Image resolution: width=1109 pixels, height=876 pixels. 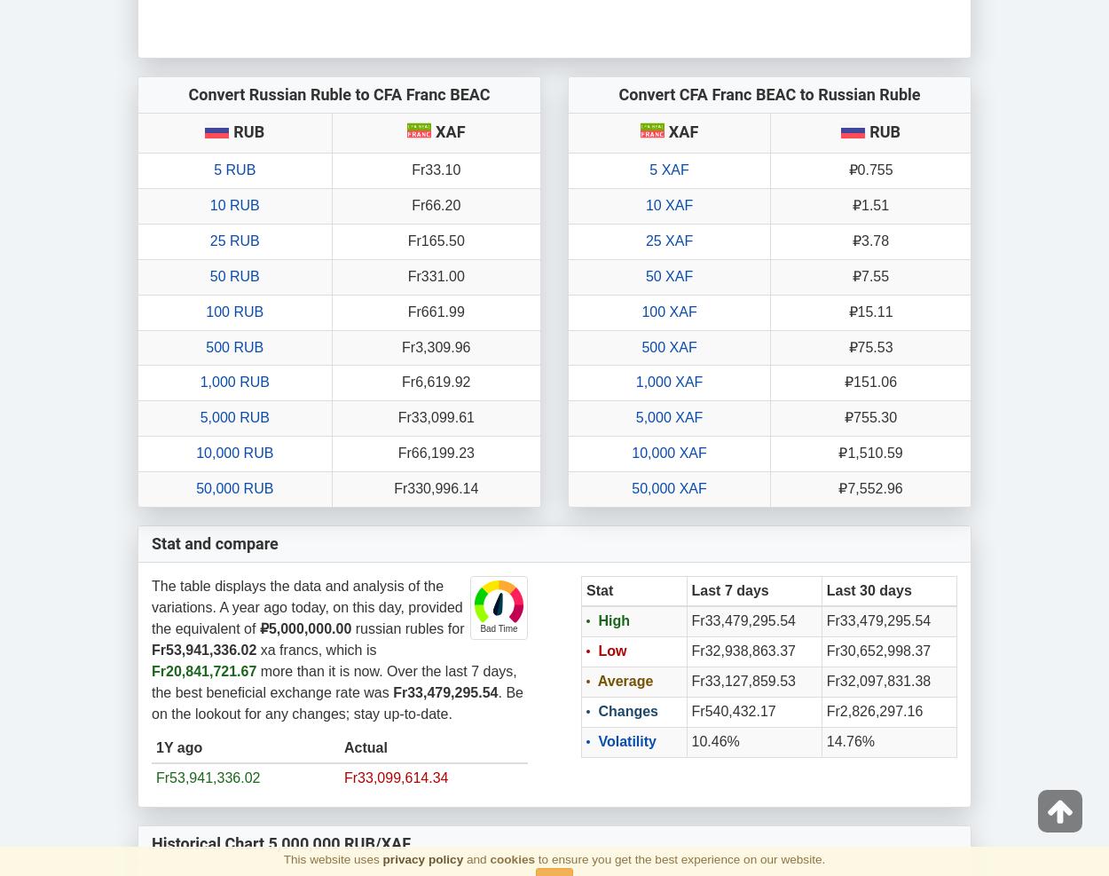 What do you see at coordinates (869, 205) in the screenshot?
I see `'₽1.51'` at bounding box center [869, 205].